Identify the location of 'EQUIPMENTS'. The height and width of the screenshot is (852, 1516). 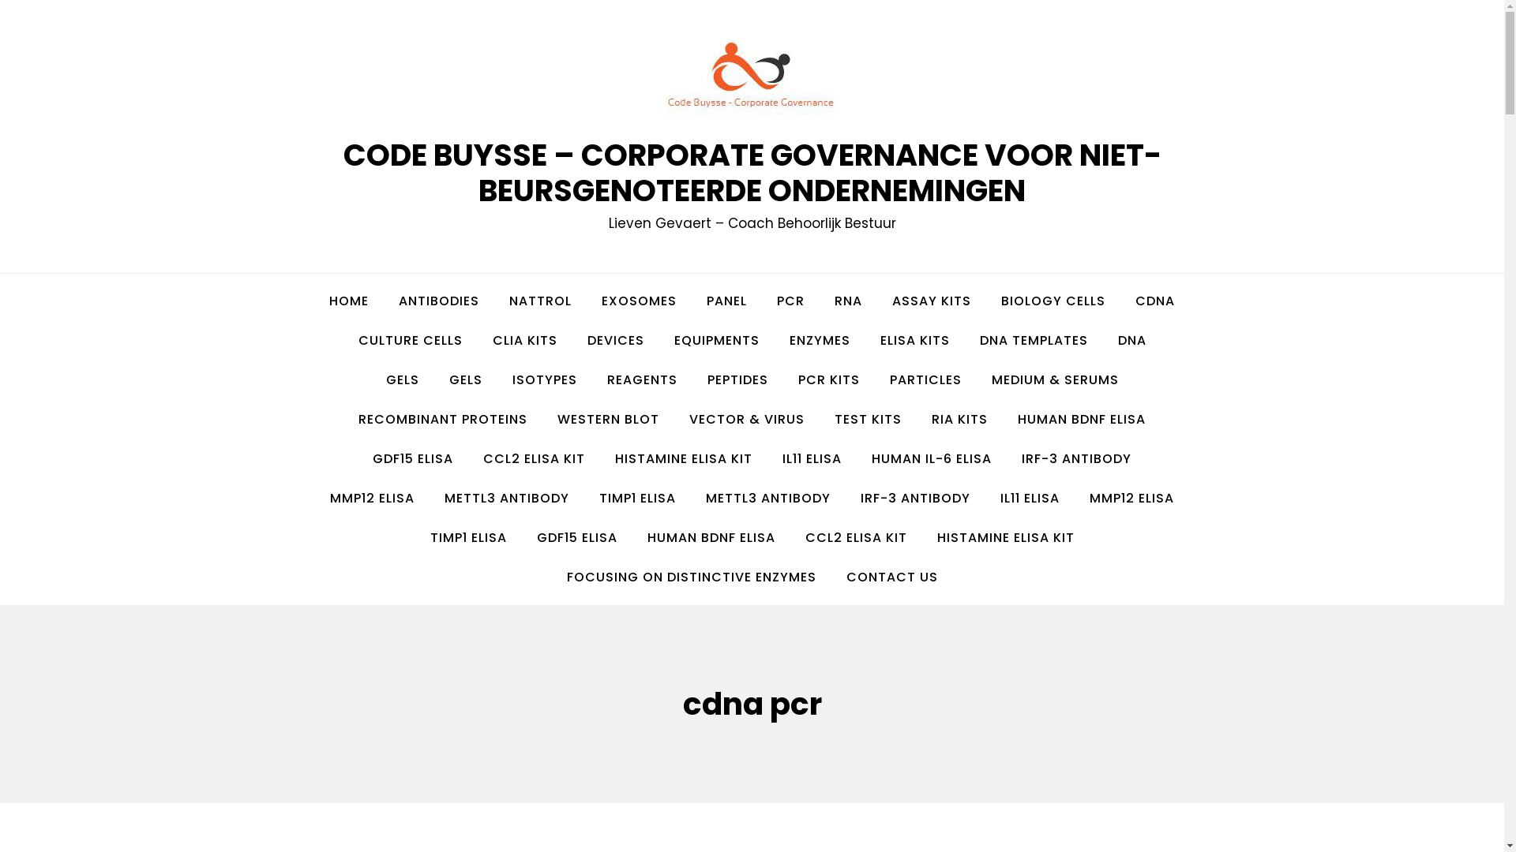
(715, 340).